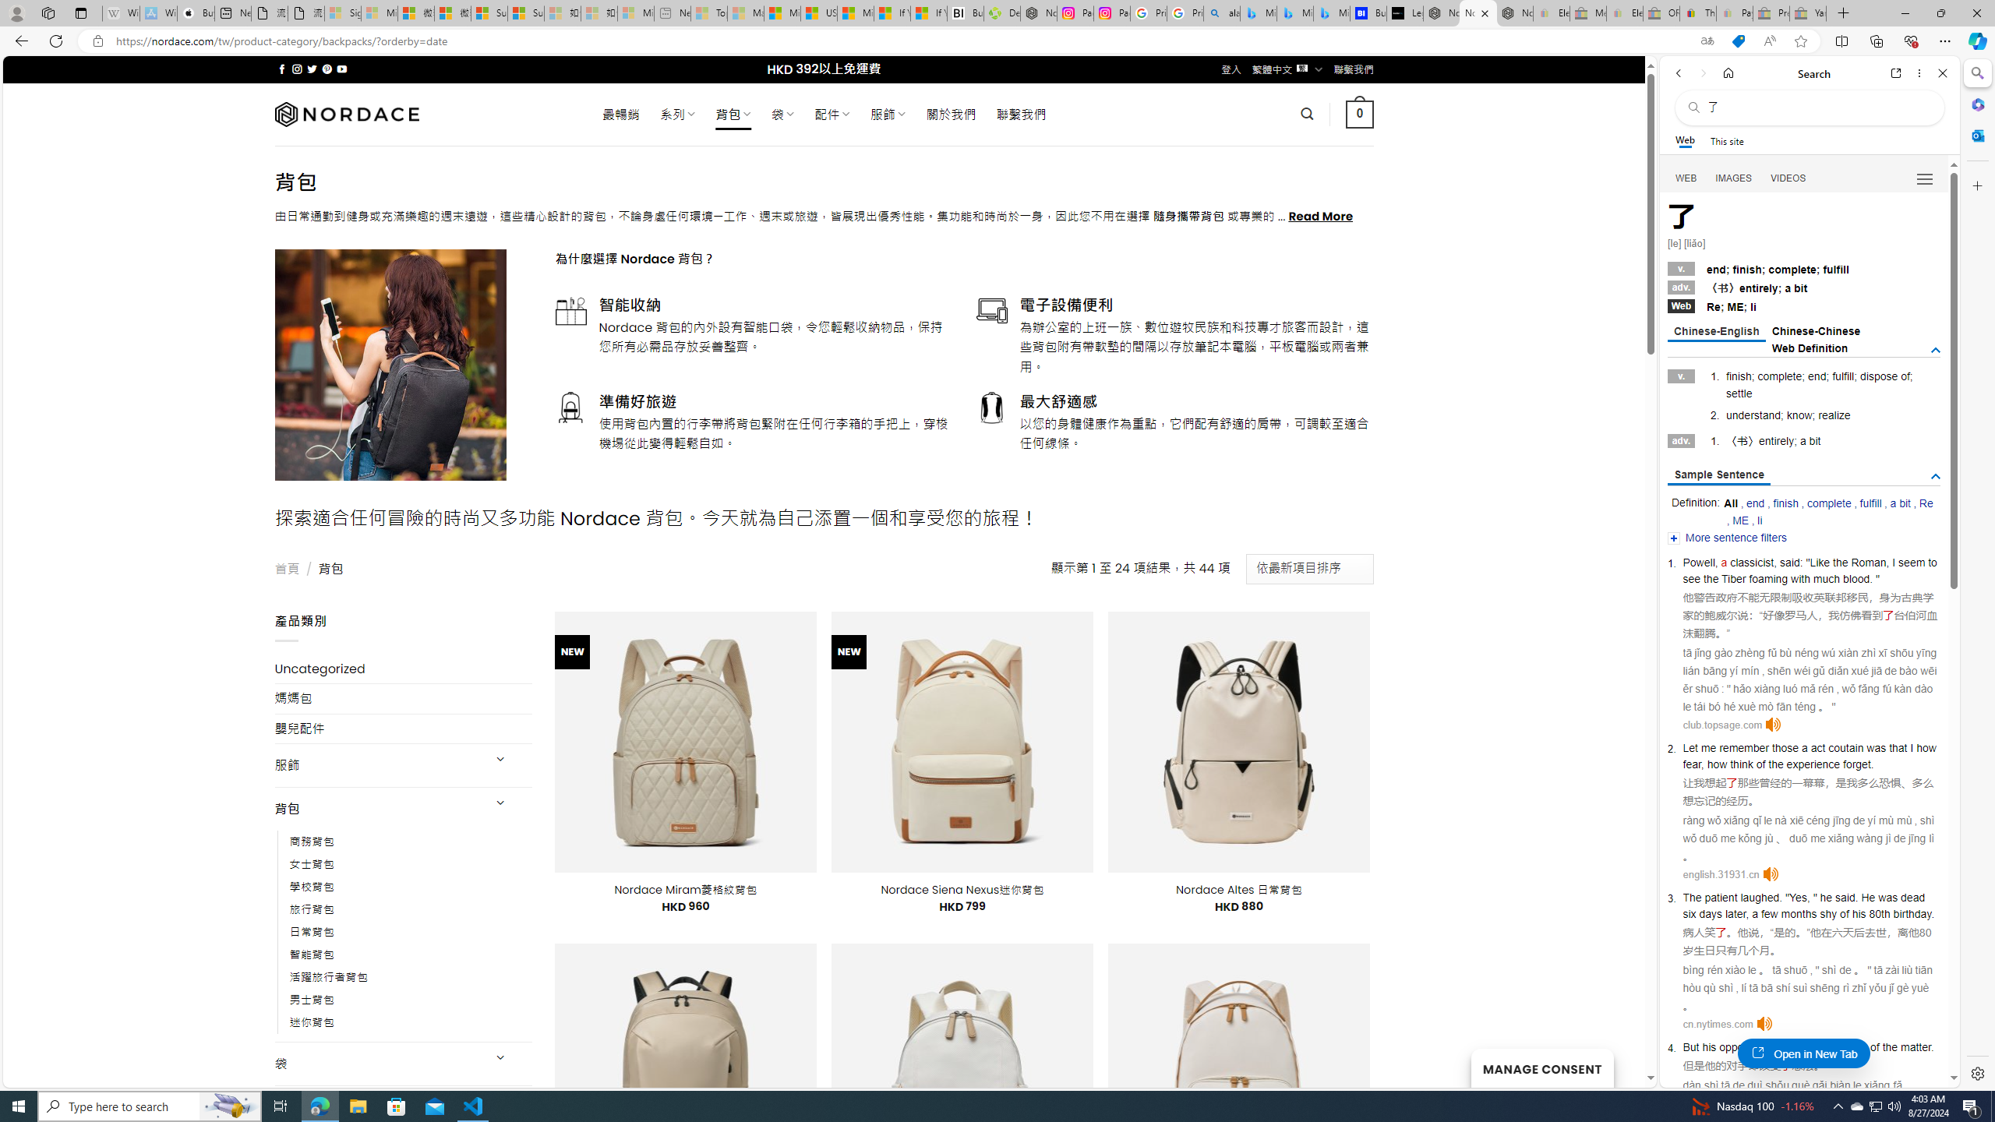  What do you see at coordinates (1935, 477) in the screenshot?
I see `'AutomationID: tgdef_sen'` at bounding box center [1935, 477].